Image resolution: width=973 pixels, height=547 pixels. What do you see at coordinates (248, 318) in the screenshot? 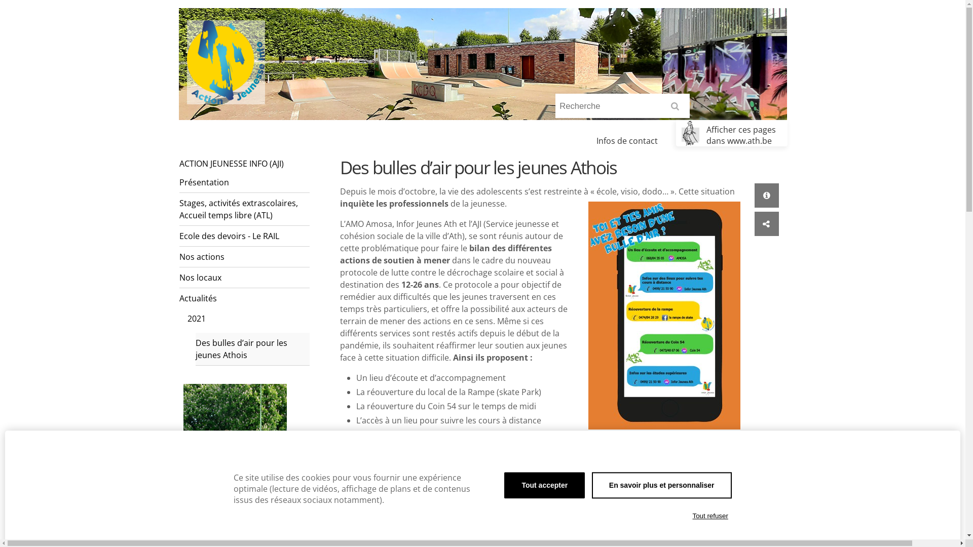
I see `'2021'` at bounding box center [248, 318].